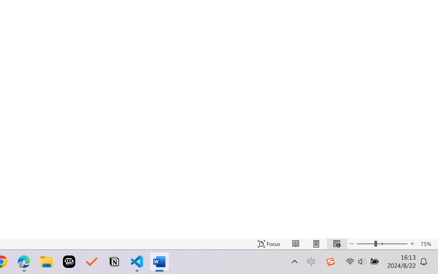 The image size is (438, 274). Describe the element at coordinates (382, 244) in the screenshot. I see `'Zoom'` at that location.